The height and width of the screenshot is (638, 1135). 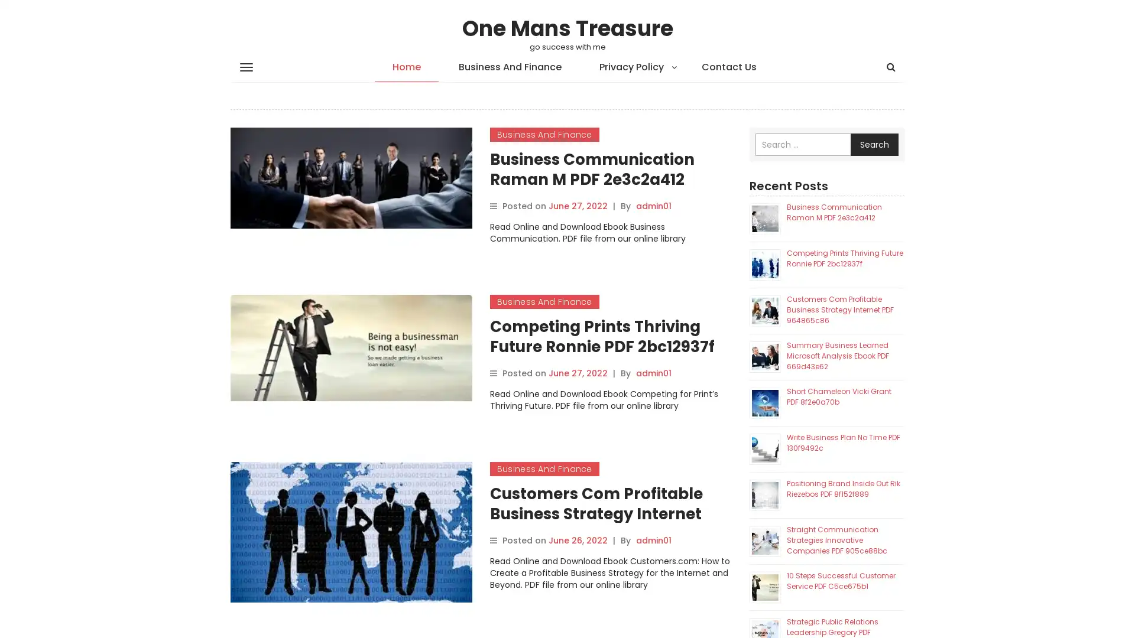 I want to click on Search, so click(x=874, y=144).